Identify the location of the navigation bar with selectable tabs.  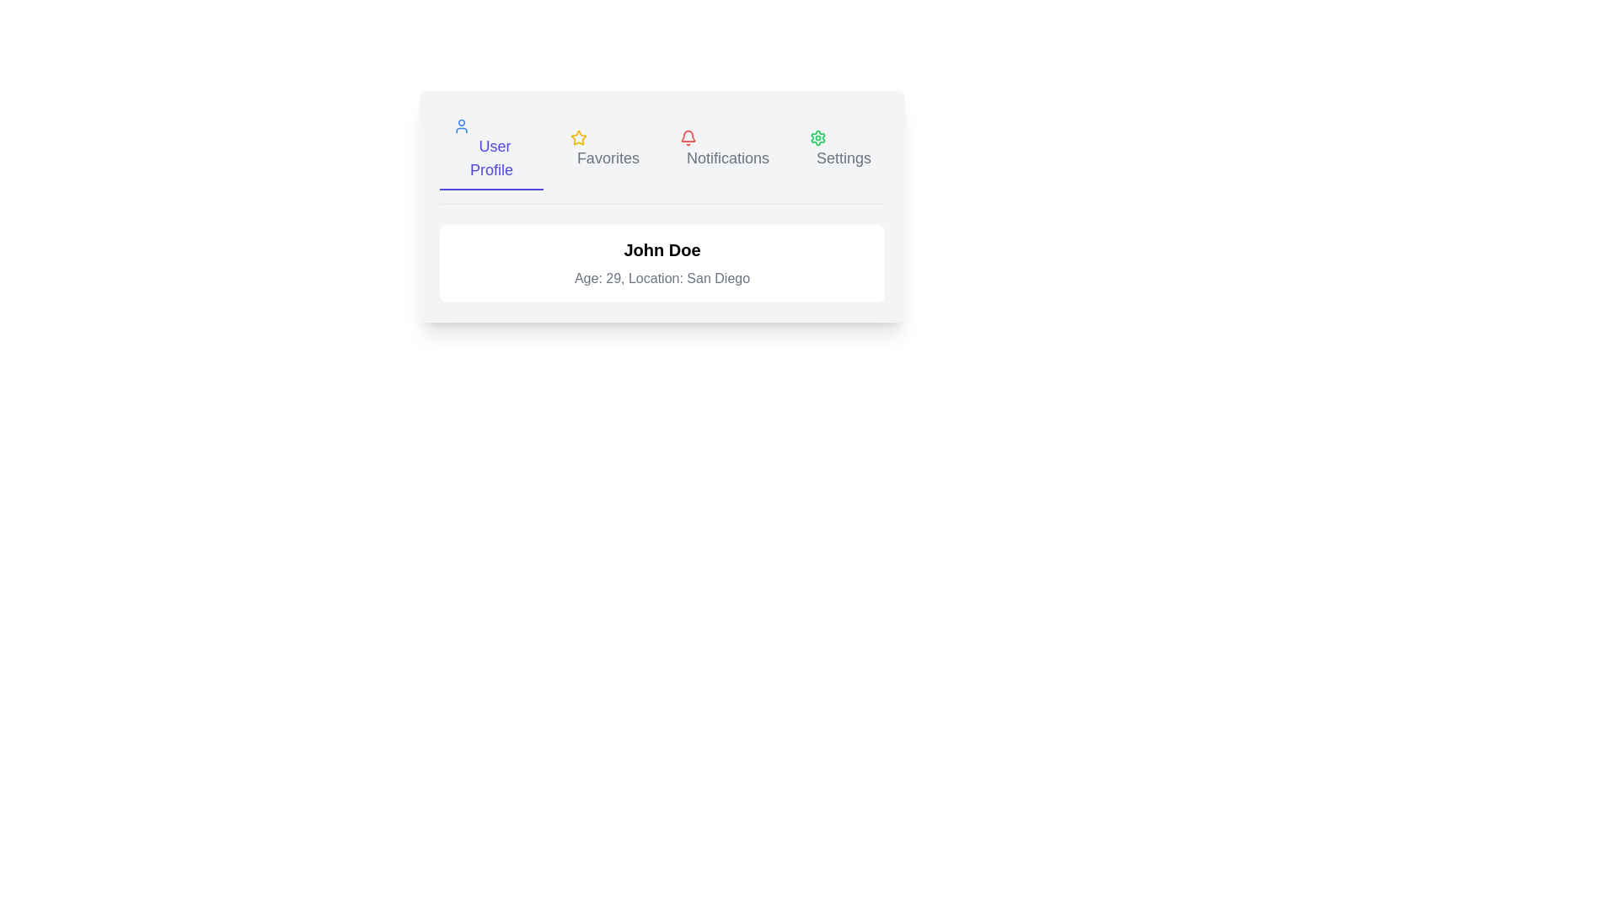
(662, 158).